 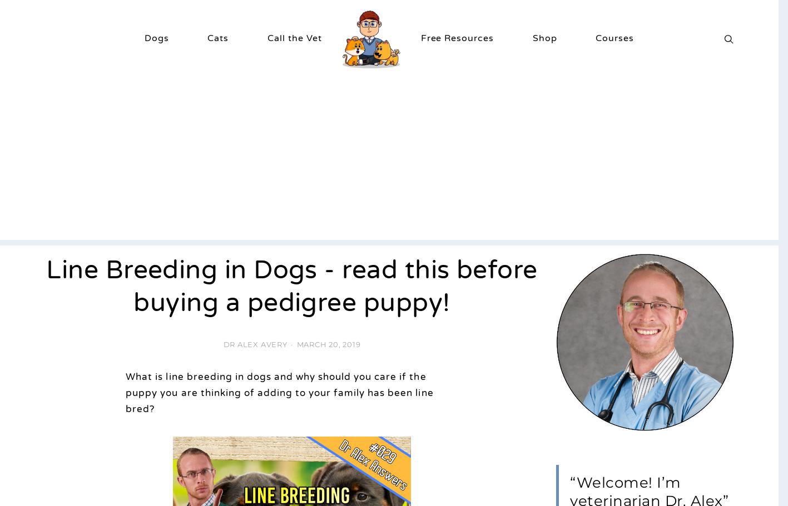 What do you see at coordinates (614, 37) in the screenshot?
I see `'Courses'` at bounding box center [614, 37].